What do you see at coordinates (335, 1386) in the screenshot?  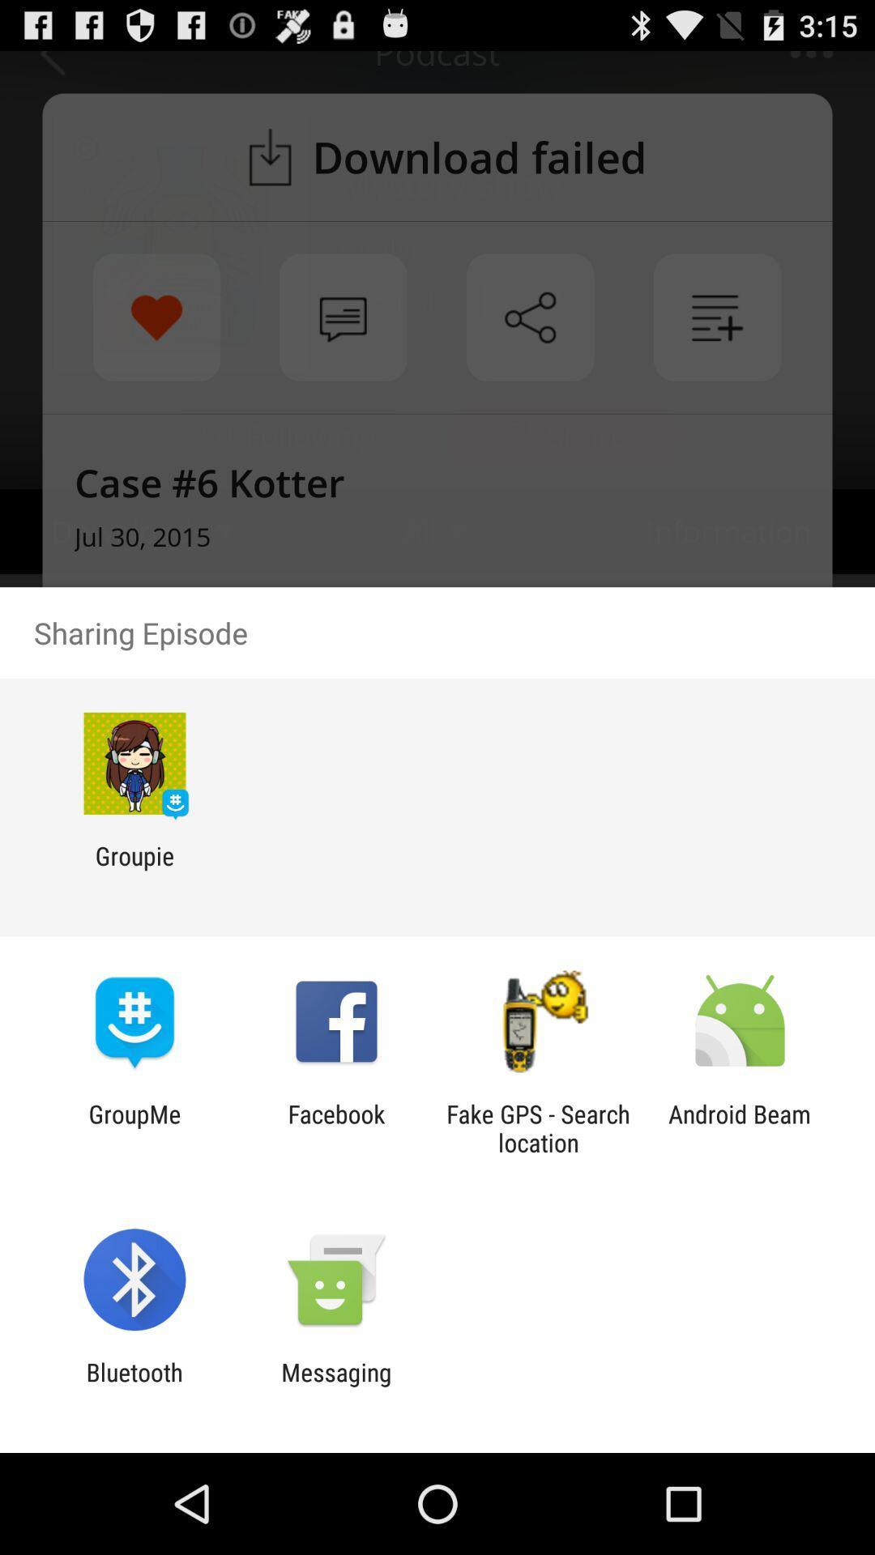 I see `item next to the bluetooth` at bounding box center [335, 1386].